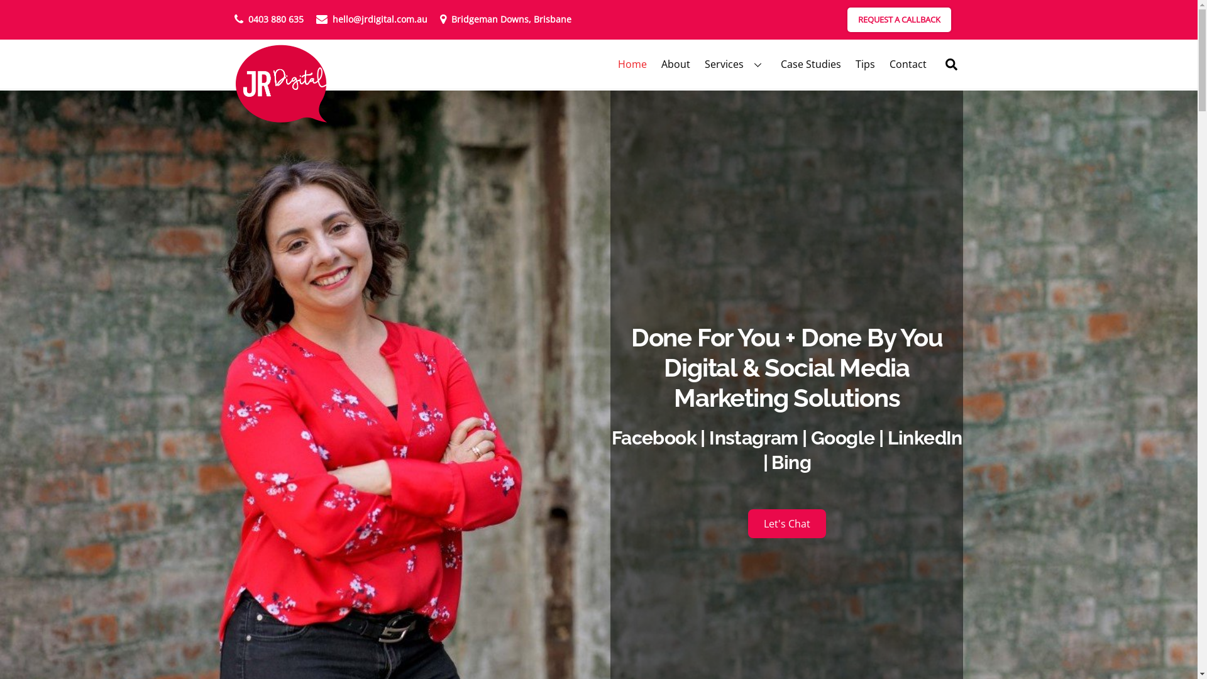 This screenshot has height=679, width=1207. Describe the element at coordinates (632, 63) in the screenshot. I see `'Home'` at that location.